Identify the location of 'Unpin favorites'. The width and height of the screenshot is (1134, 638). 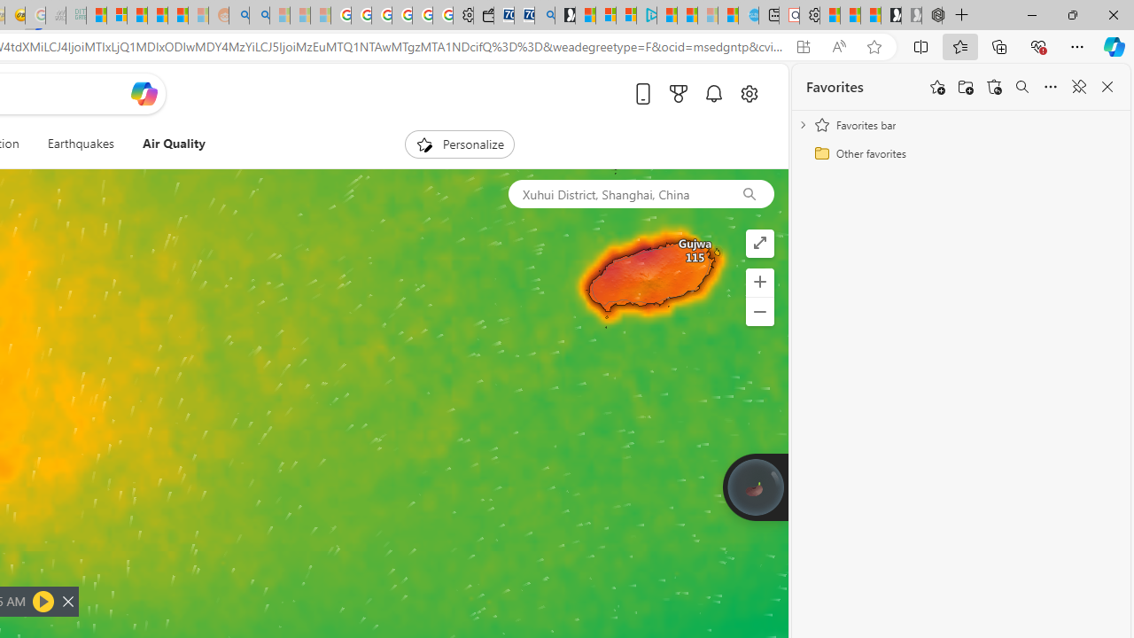
(1077, 87).